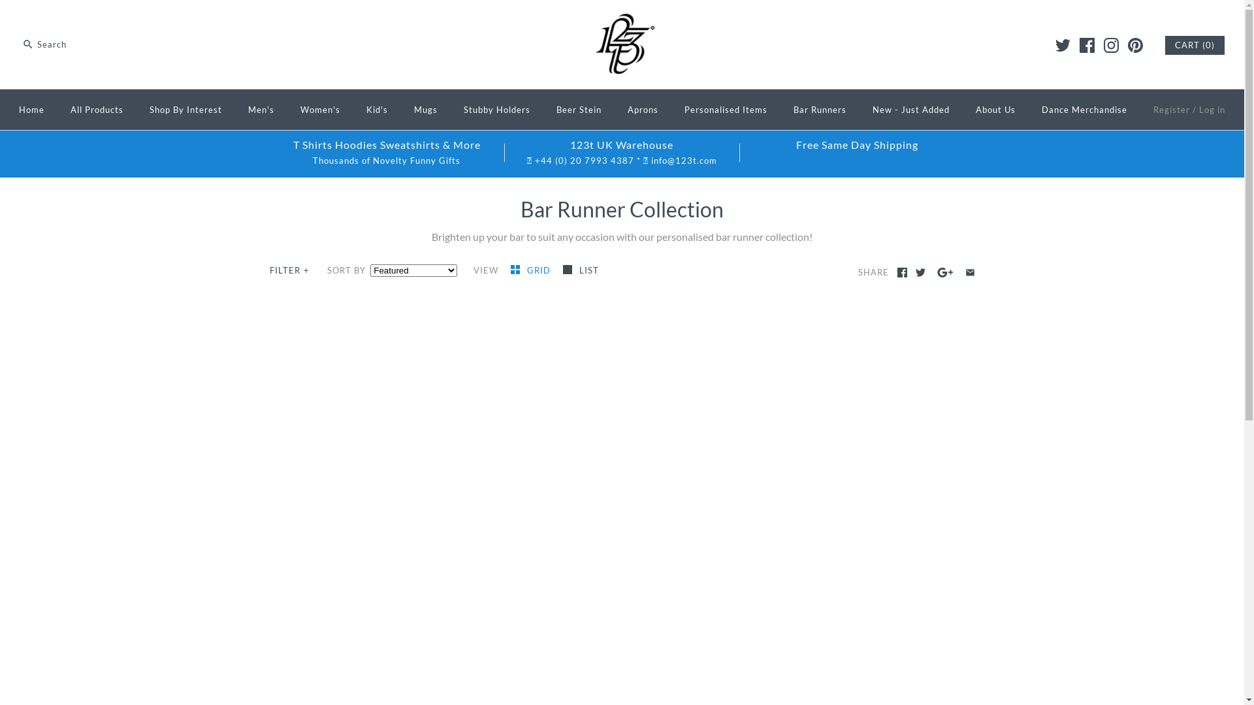  I want to click on 'Aprons', so click(615, 109).